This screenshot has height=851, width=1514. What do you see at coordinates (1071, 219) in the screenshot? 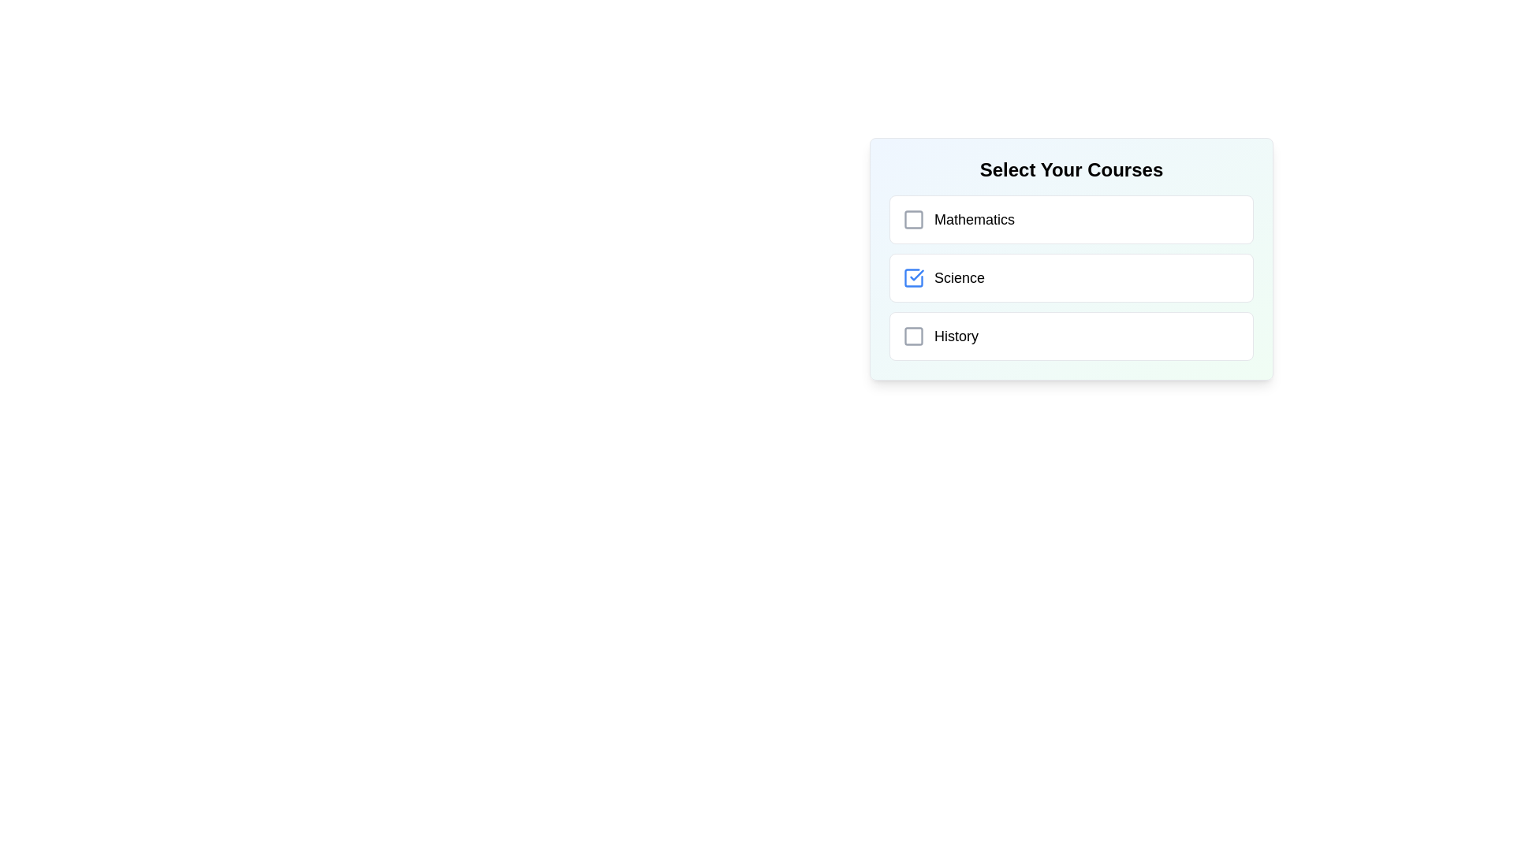
I see `the checkbox labeled 'Mathematics' using keyboard navigation` at bounding box center [1071, 219].